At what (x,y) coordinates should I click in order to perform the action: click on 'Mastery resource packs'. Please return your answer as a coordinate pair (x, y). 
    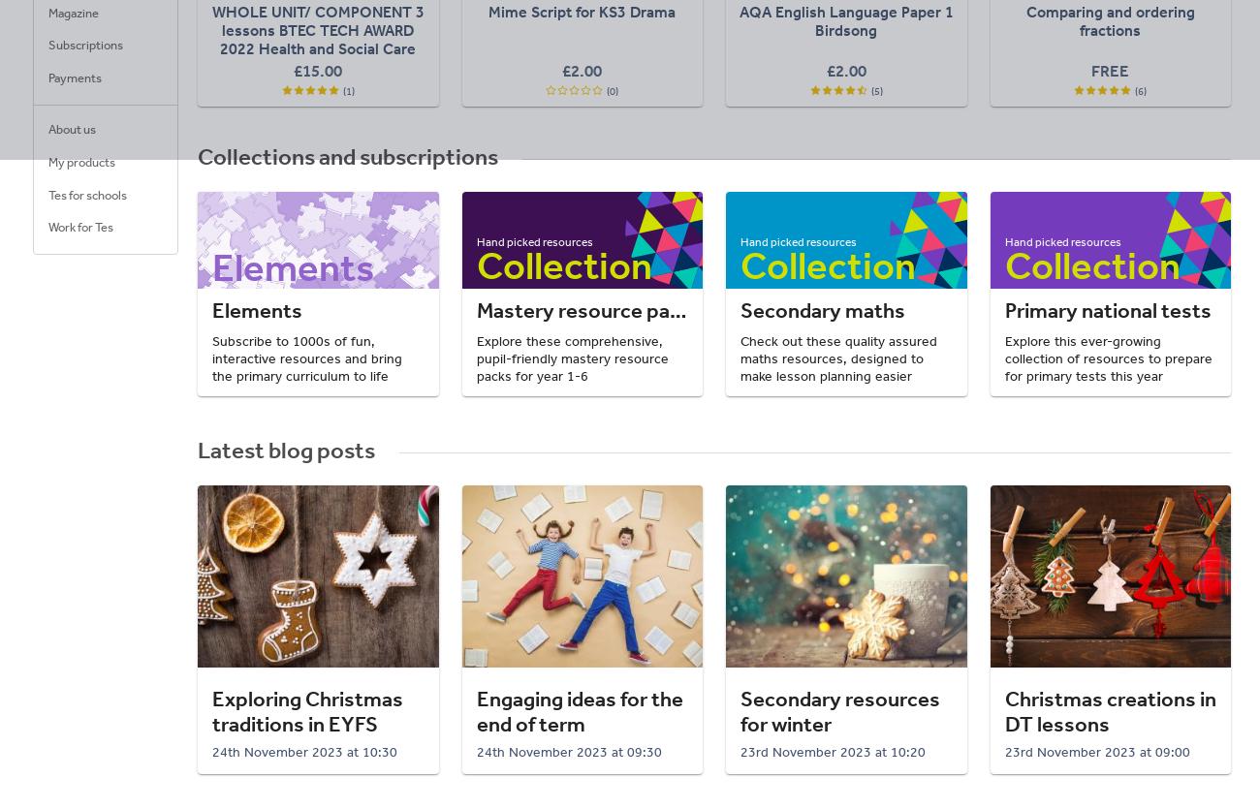
    Looking at the image, I should click on (587, 309).